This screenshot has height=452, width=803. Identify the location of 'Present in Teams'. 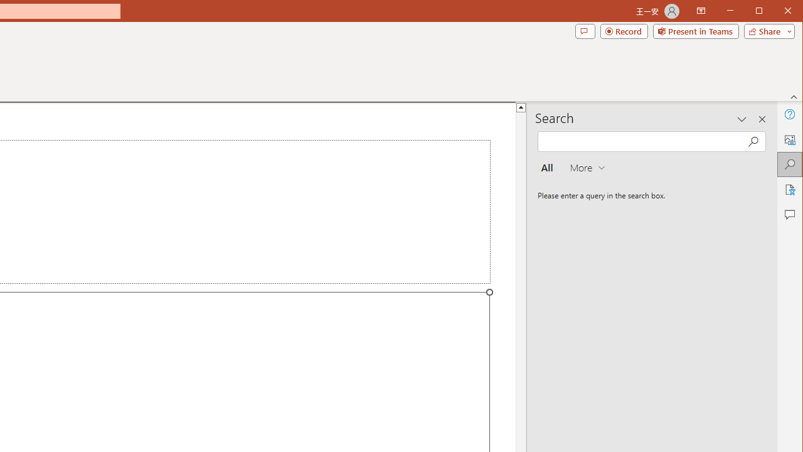
(695, 31).